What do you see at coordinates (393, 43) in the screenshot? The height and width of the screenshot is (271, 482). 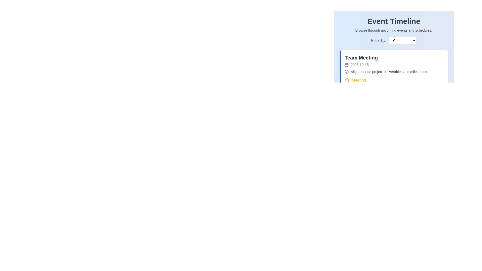 I see `the 'Filter by' dropdown menu located in the upper part of the event timeline interface` at bounding box center [393, 43].